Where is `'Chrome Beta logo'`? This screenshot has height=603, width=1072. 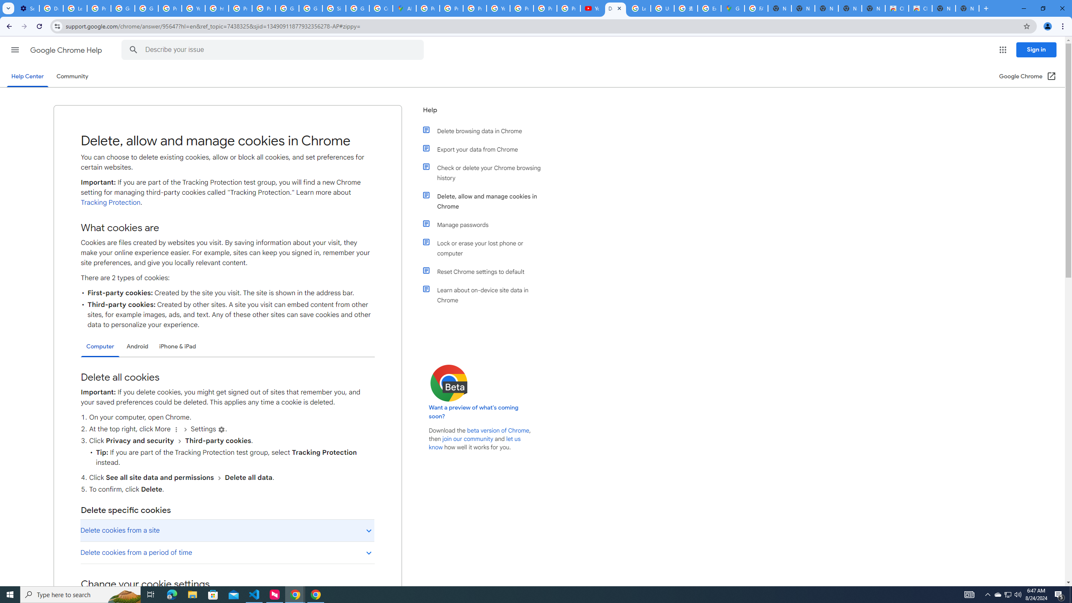
'Chrome Beta logo' is located at coordinates (449, 383).